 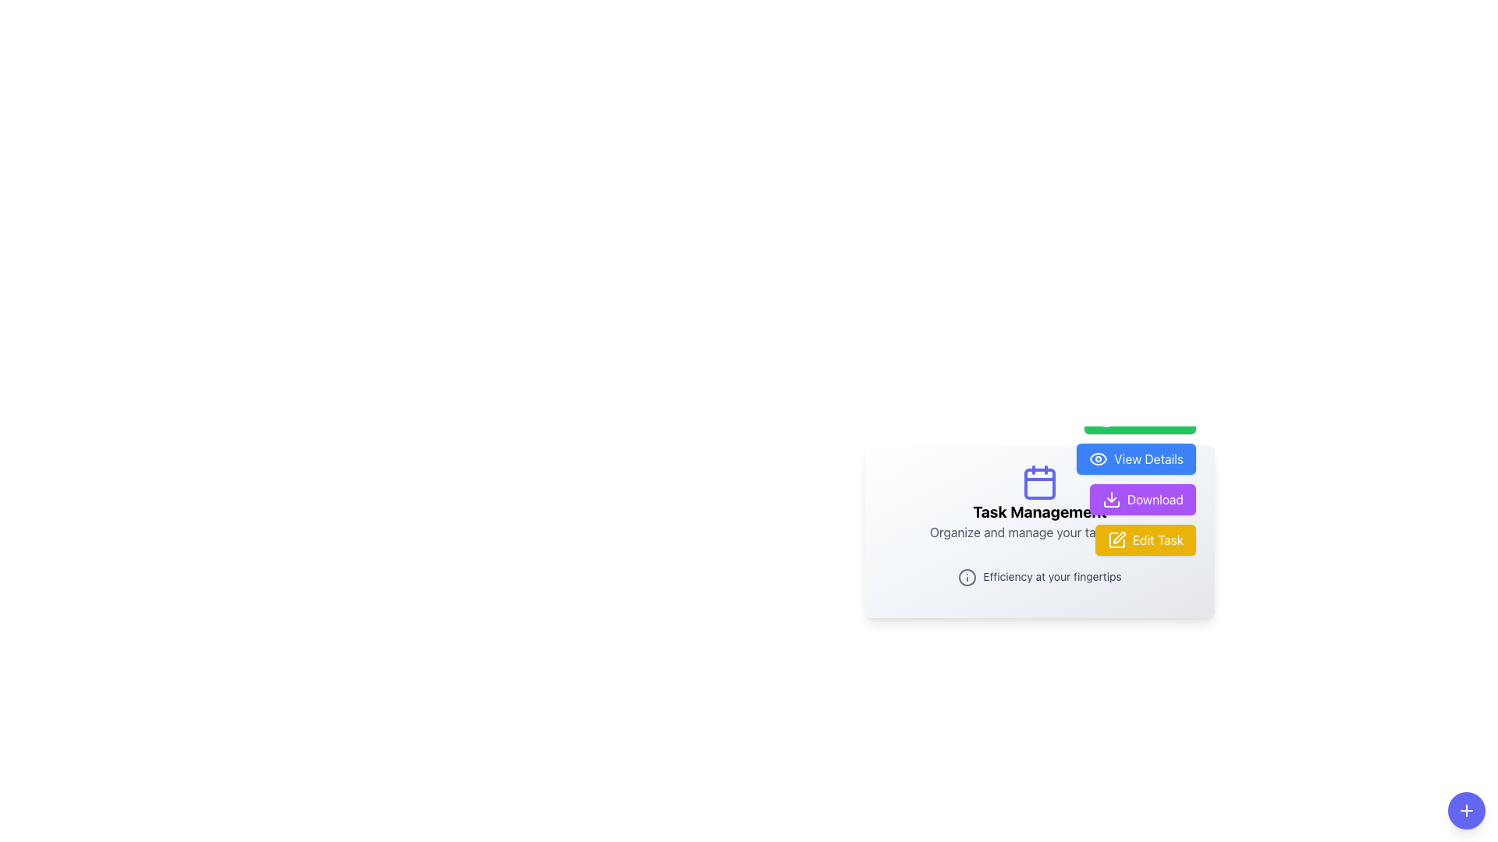 What do you see at coordinates (1136, 478) in the screenshot?
I see `the second button in a vertical arrangement of four located in the bottom-right region of the interface` at bounding box center [1136, 478].